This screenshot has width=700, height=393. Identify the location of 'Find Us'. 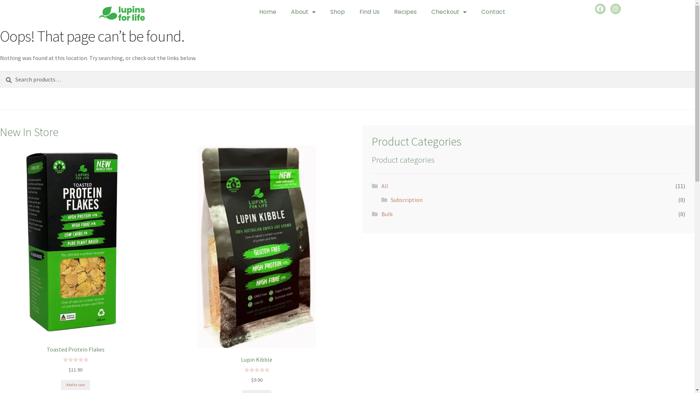
(352, 12).